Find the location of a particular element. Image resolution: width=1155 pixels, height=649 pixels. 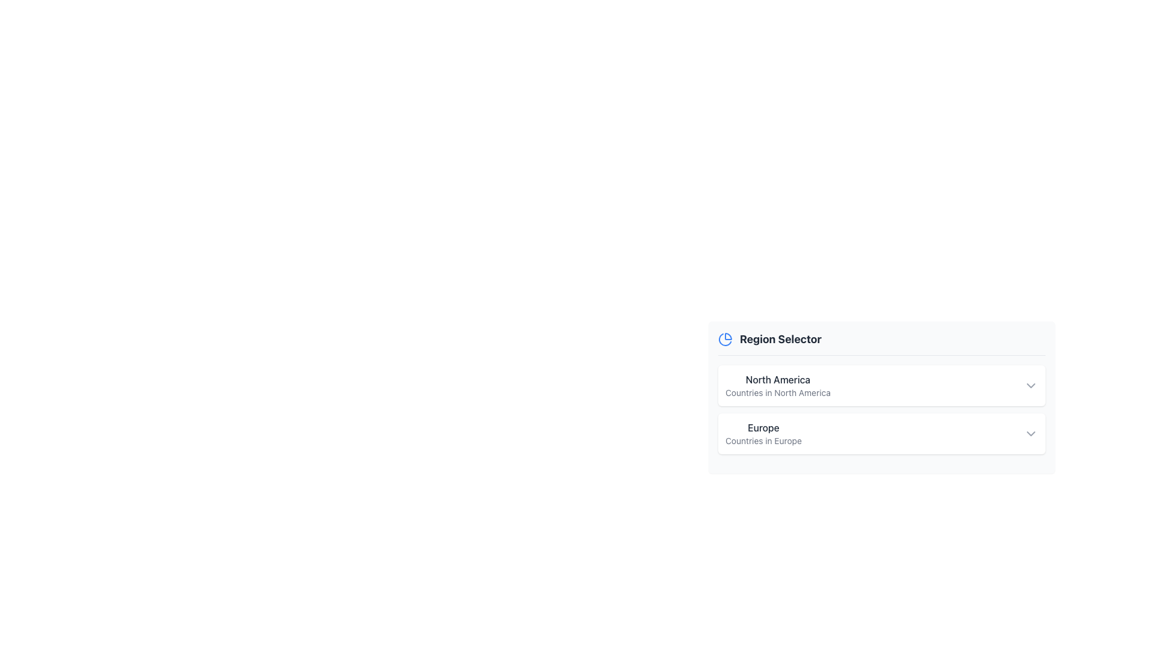

the static text label for the region category 'Europe', which serves as the header for the description 'Countries in Europe' is located at coordinates (763, 427).